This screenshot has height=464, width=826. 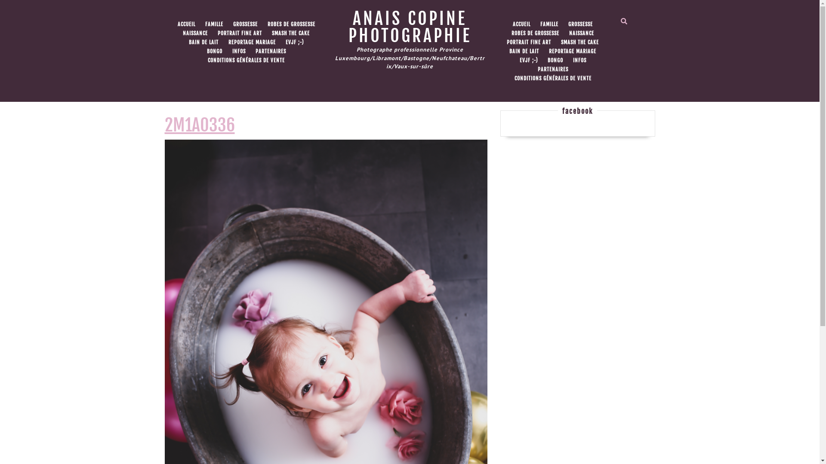 I want to click on 'ANAIS COPINE PHOTOGRAPHIE', so click(x=410, y=26).